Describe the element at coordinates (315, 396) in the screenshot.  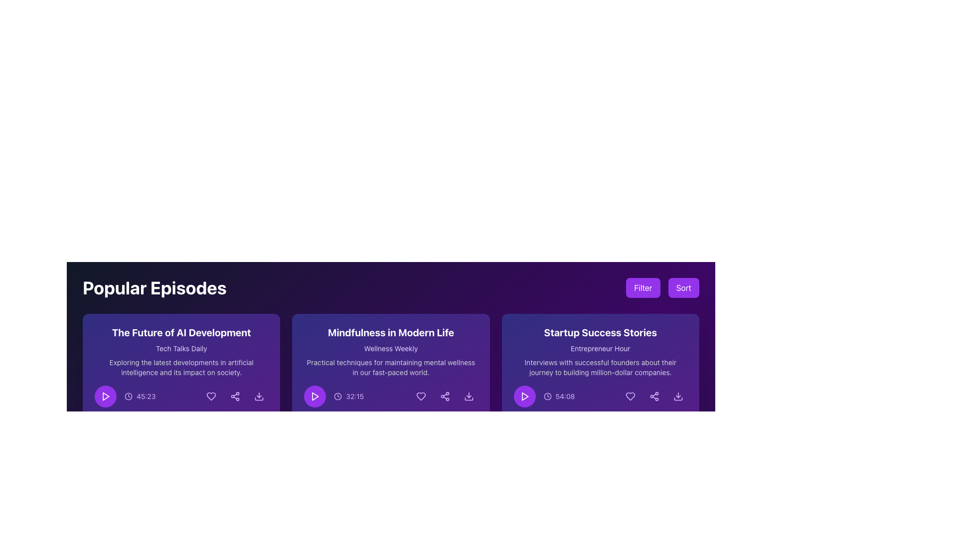
I see `the small white play icon on a purple circular background located in the bottom-left corner of the 'Mindfulness in Modern Life' card in the 'Popular Episodes' list` at that location.